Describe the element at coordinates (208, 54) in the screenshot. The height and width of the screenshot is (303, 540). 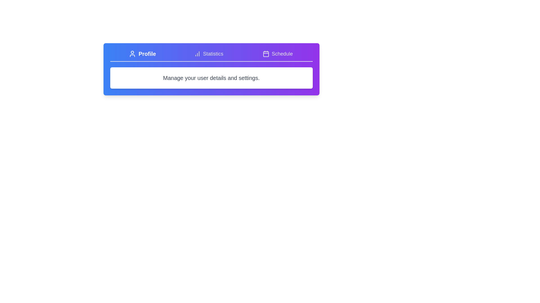
I see `the Statistics tab` at that location.